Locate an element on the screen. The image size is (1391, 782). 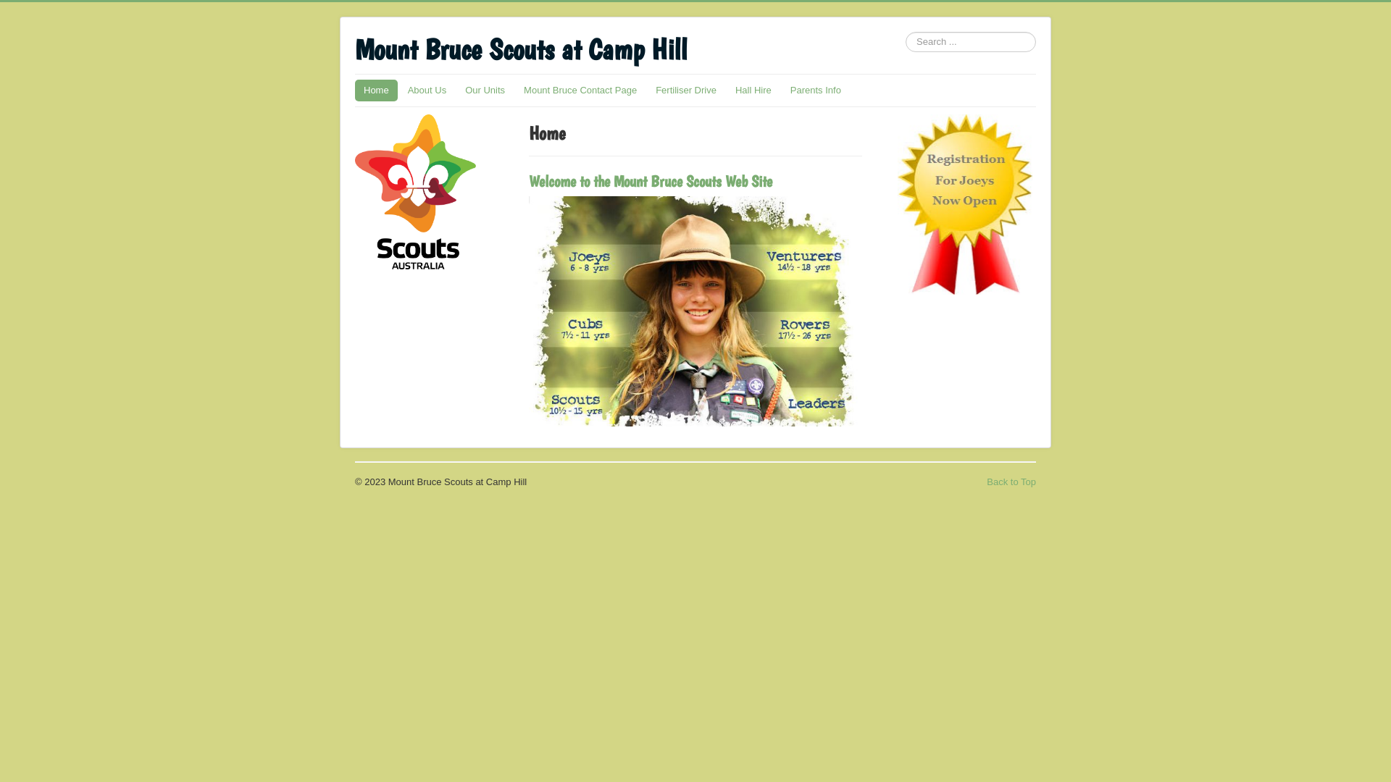
'Parents Info' is located at coordinates (816, 90).